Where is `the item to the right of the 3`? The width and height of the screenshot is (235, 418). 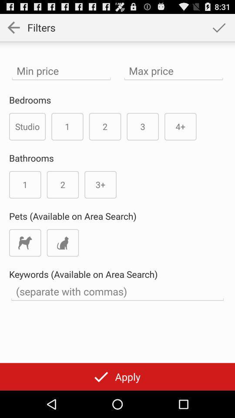 the item to the right of the 3 is located at coordinates (180, 126).